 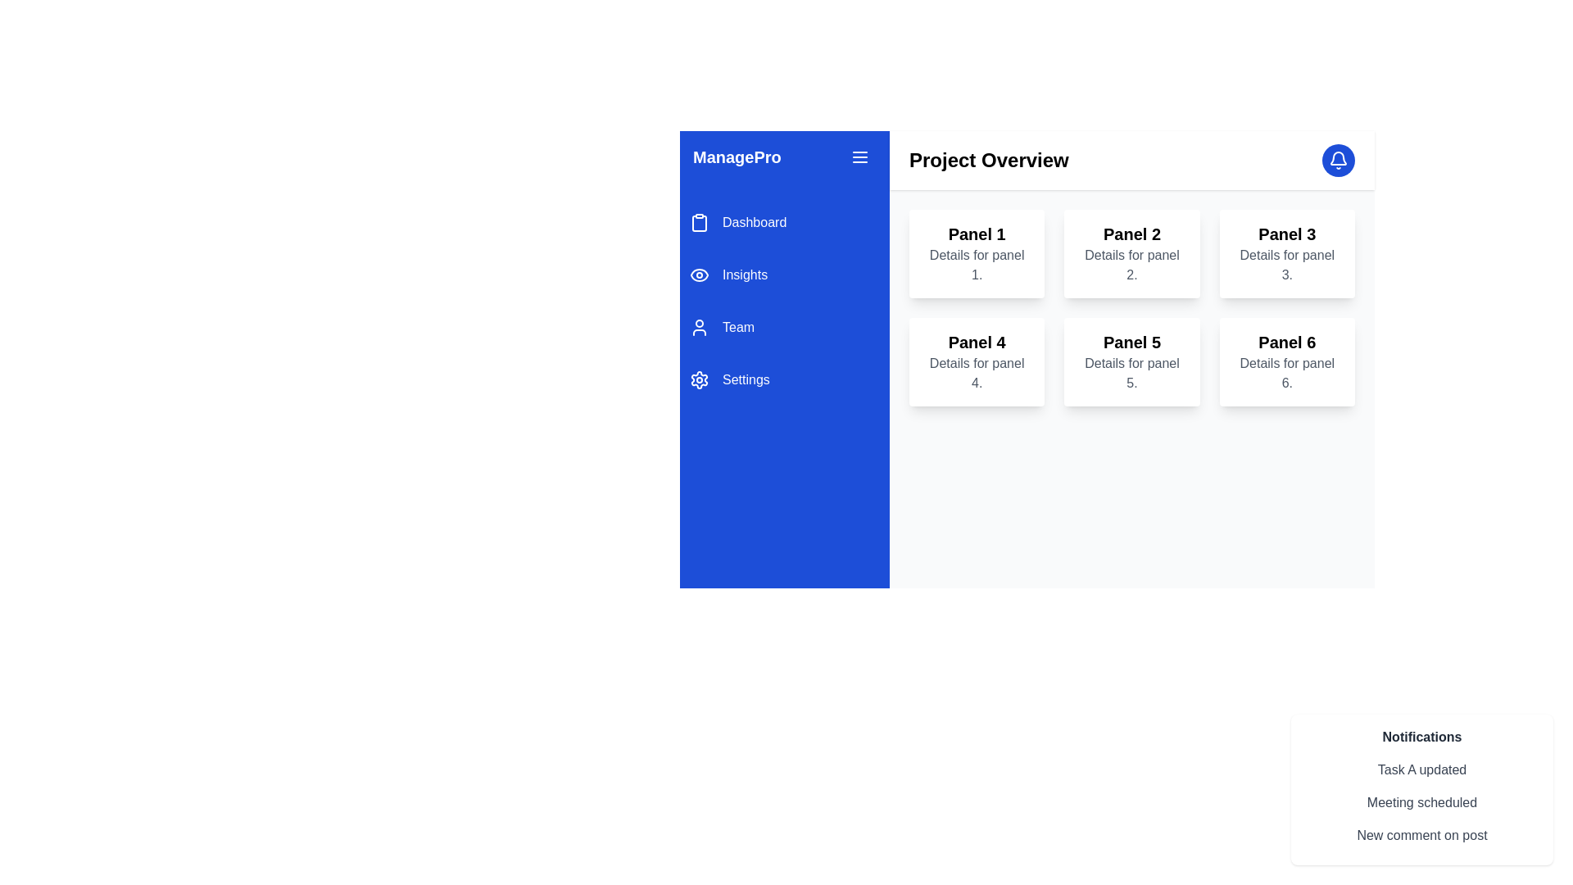 I want to click on the graphical element inside the clipboard icon that represents the 'Dashboard' functionality in the sidebar navigation, so click(x=700, y=224).